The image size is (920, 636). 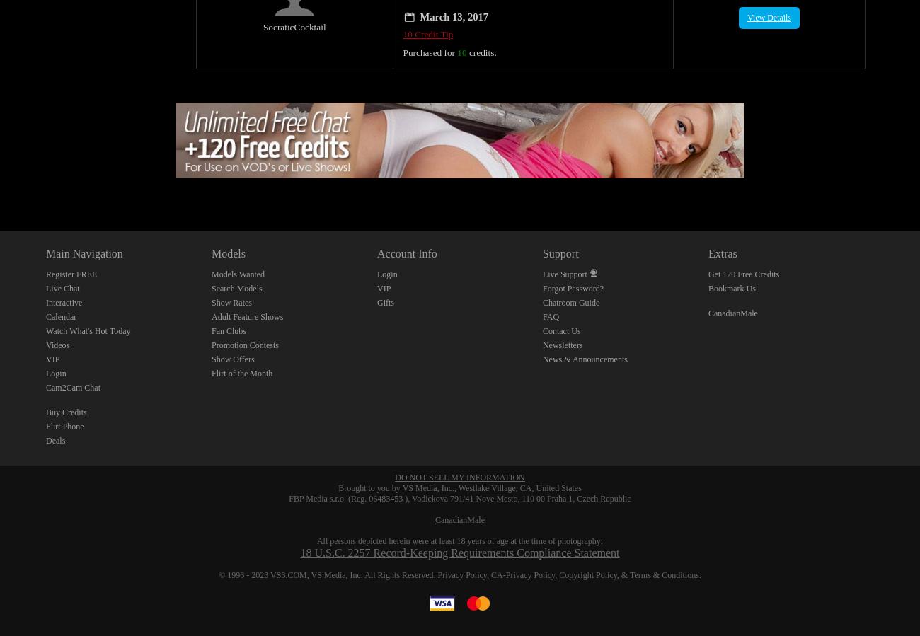 I want to click on 'Contact Us', so click(x=560, y=314).